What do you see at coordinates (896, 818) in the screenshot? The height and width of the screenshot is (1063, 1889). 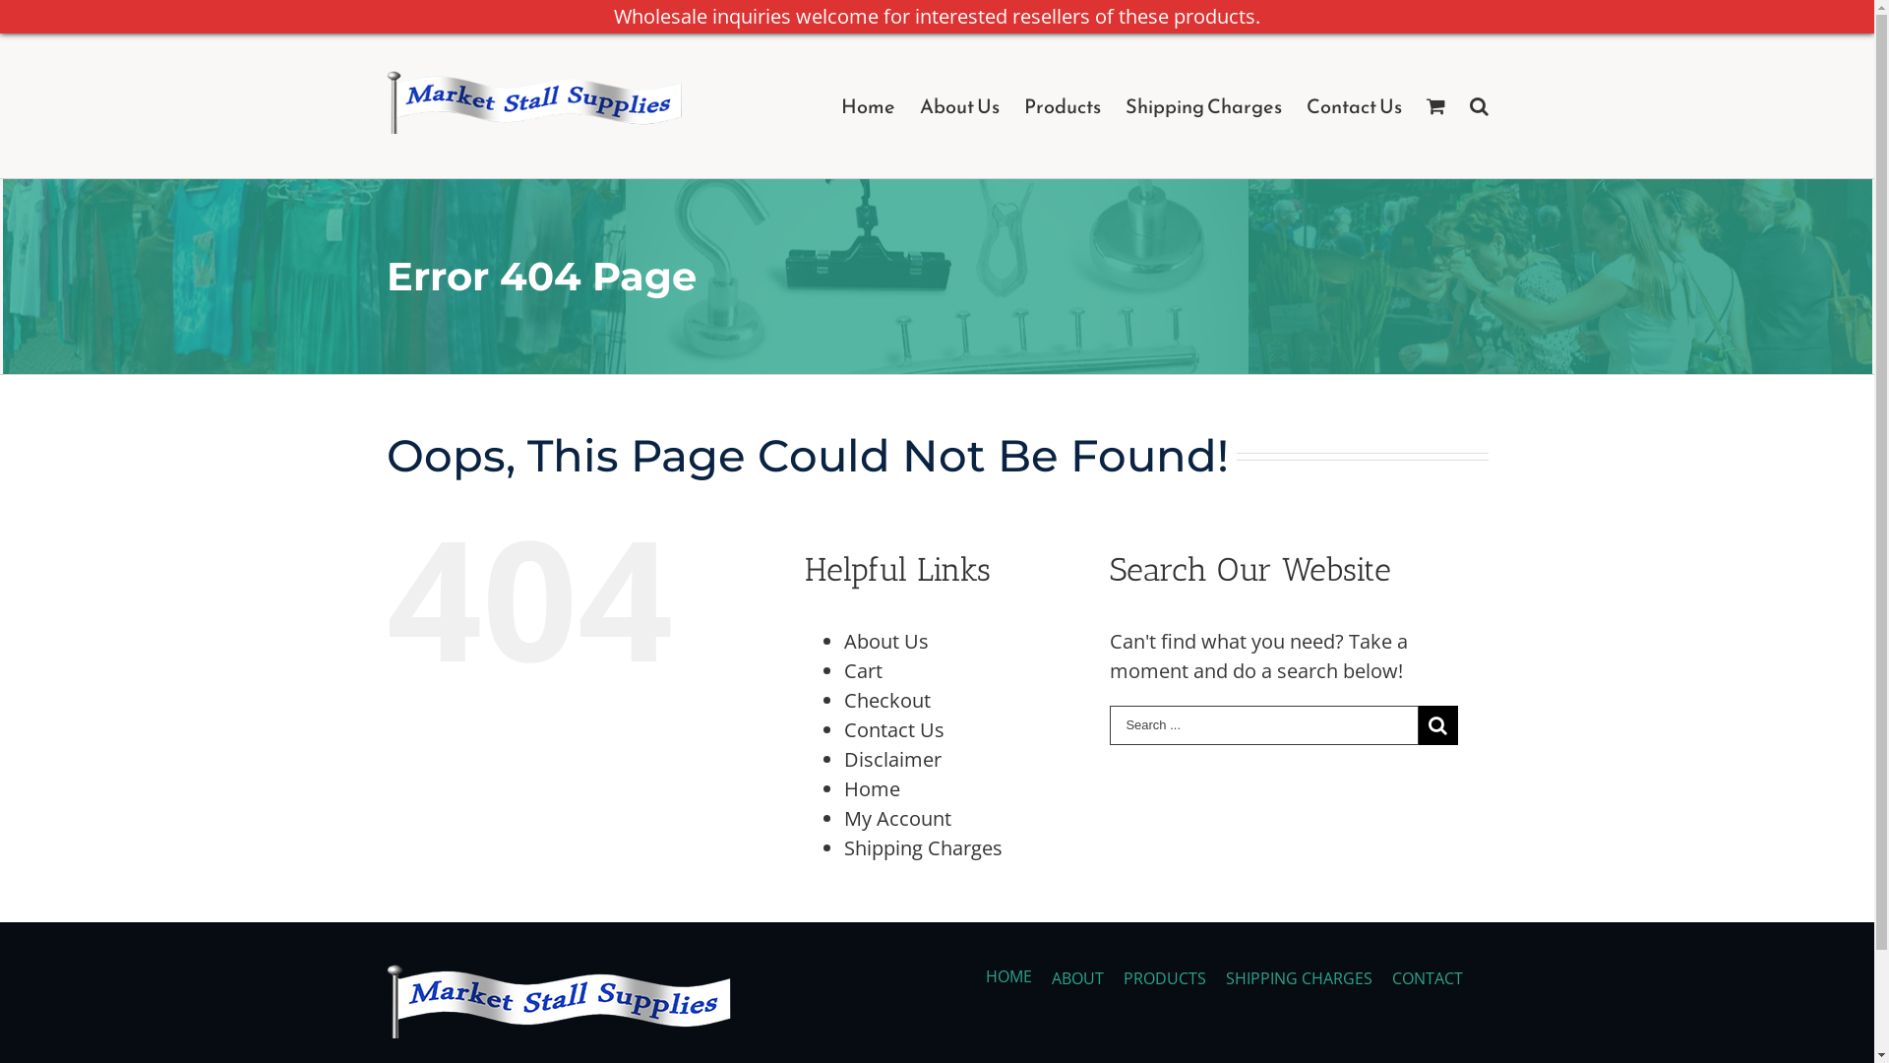 I see `'My Account'` at bounding box center [896, 818].